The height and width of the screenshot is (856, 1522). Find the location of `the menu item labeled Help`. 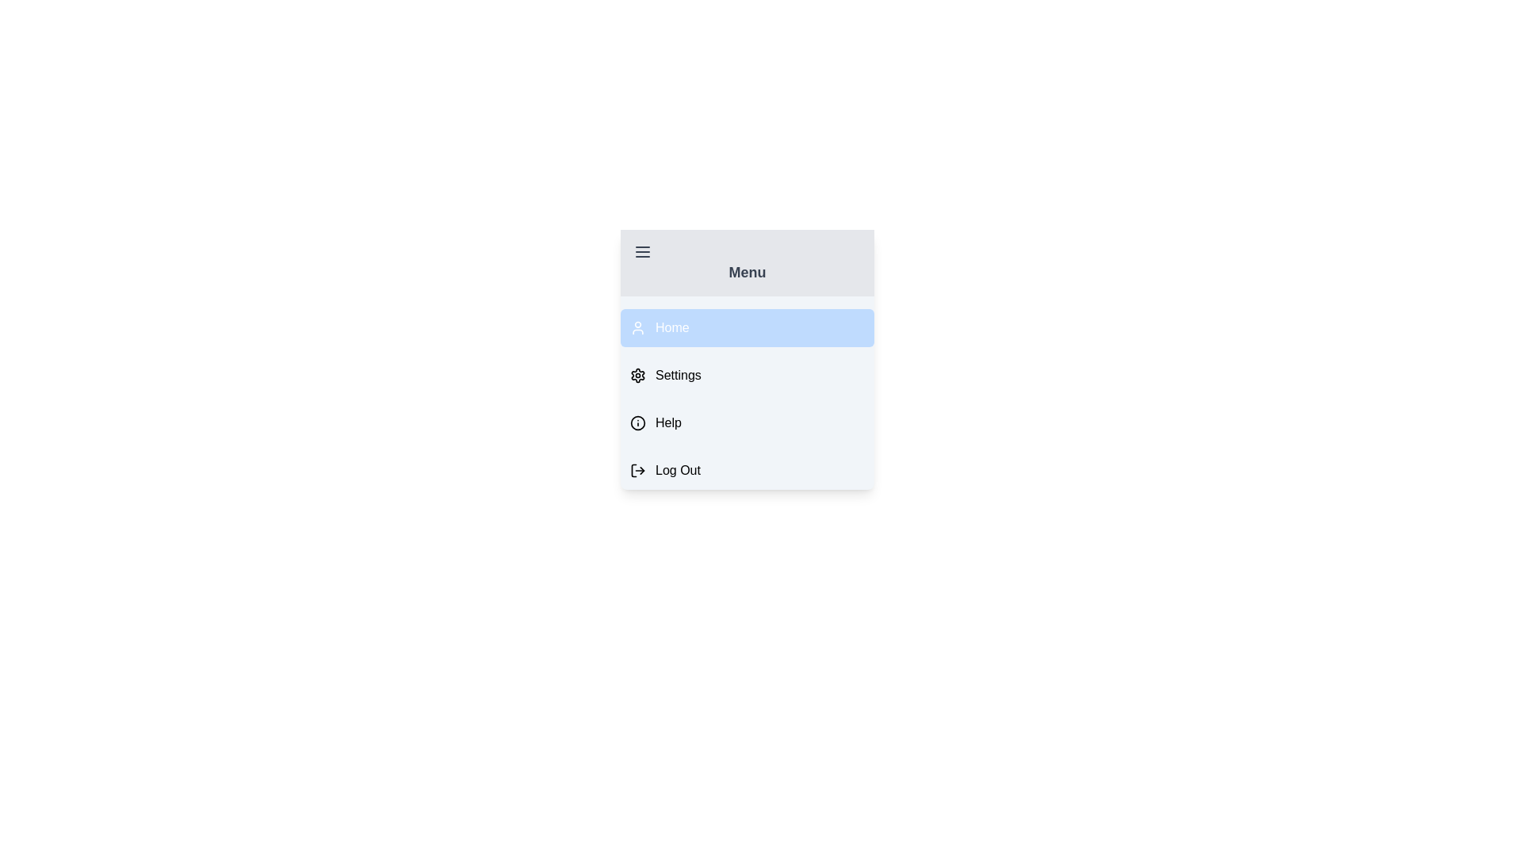

the menu item labeled Help is located at coordinates (746, 422).